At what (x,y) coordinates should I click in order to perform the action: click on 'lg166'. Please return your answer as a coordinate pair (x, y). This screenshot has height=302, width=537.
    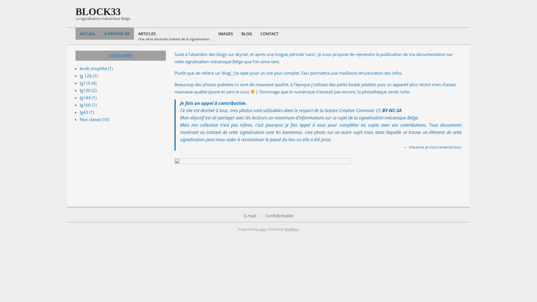
    Looking at the image, I should click on (85, 105).